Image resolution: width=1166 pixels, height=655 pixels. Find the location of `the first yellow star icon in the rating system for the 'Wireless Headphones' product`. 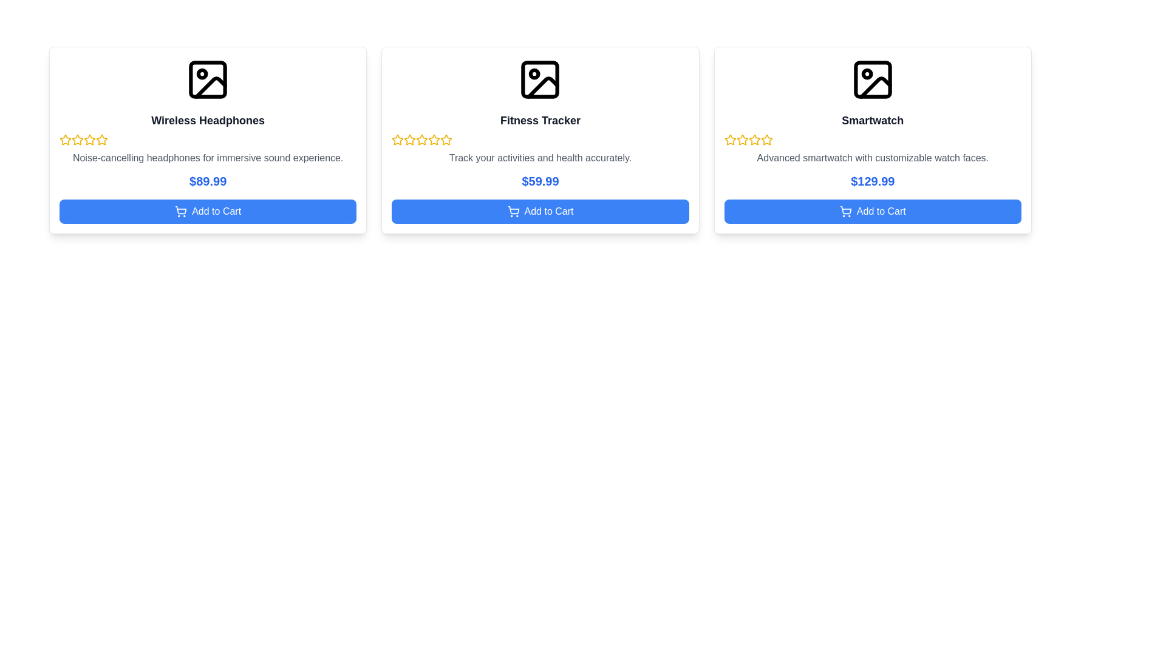

the first yellow star icon in the rating system for the 'Wireless Headphones' product is located at coordinates (65, 139).